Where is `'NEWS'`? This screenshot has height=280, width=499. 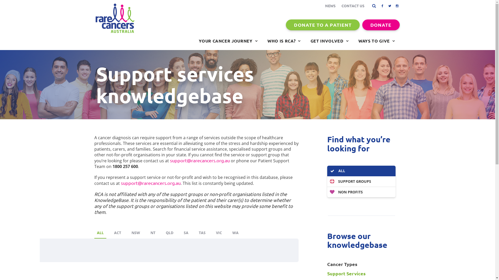 'NEWS' is located at coordinates (330, 6).